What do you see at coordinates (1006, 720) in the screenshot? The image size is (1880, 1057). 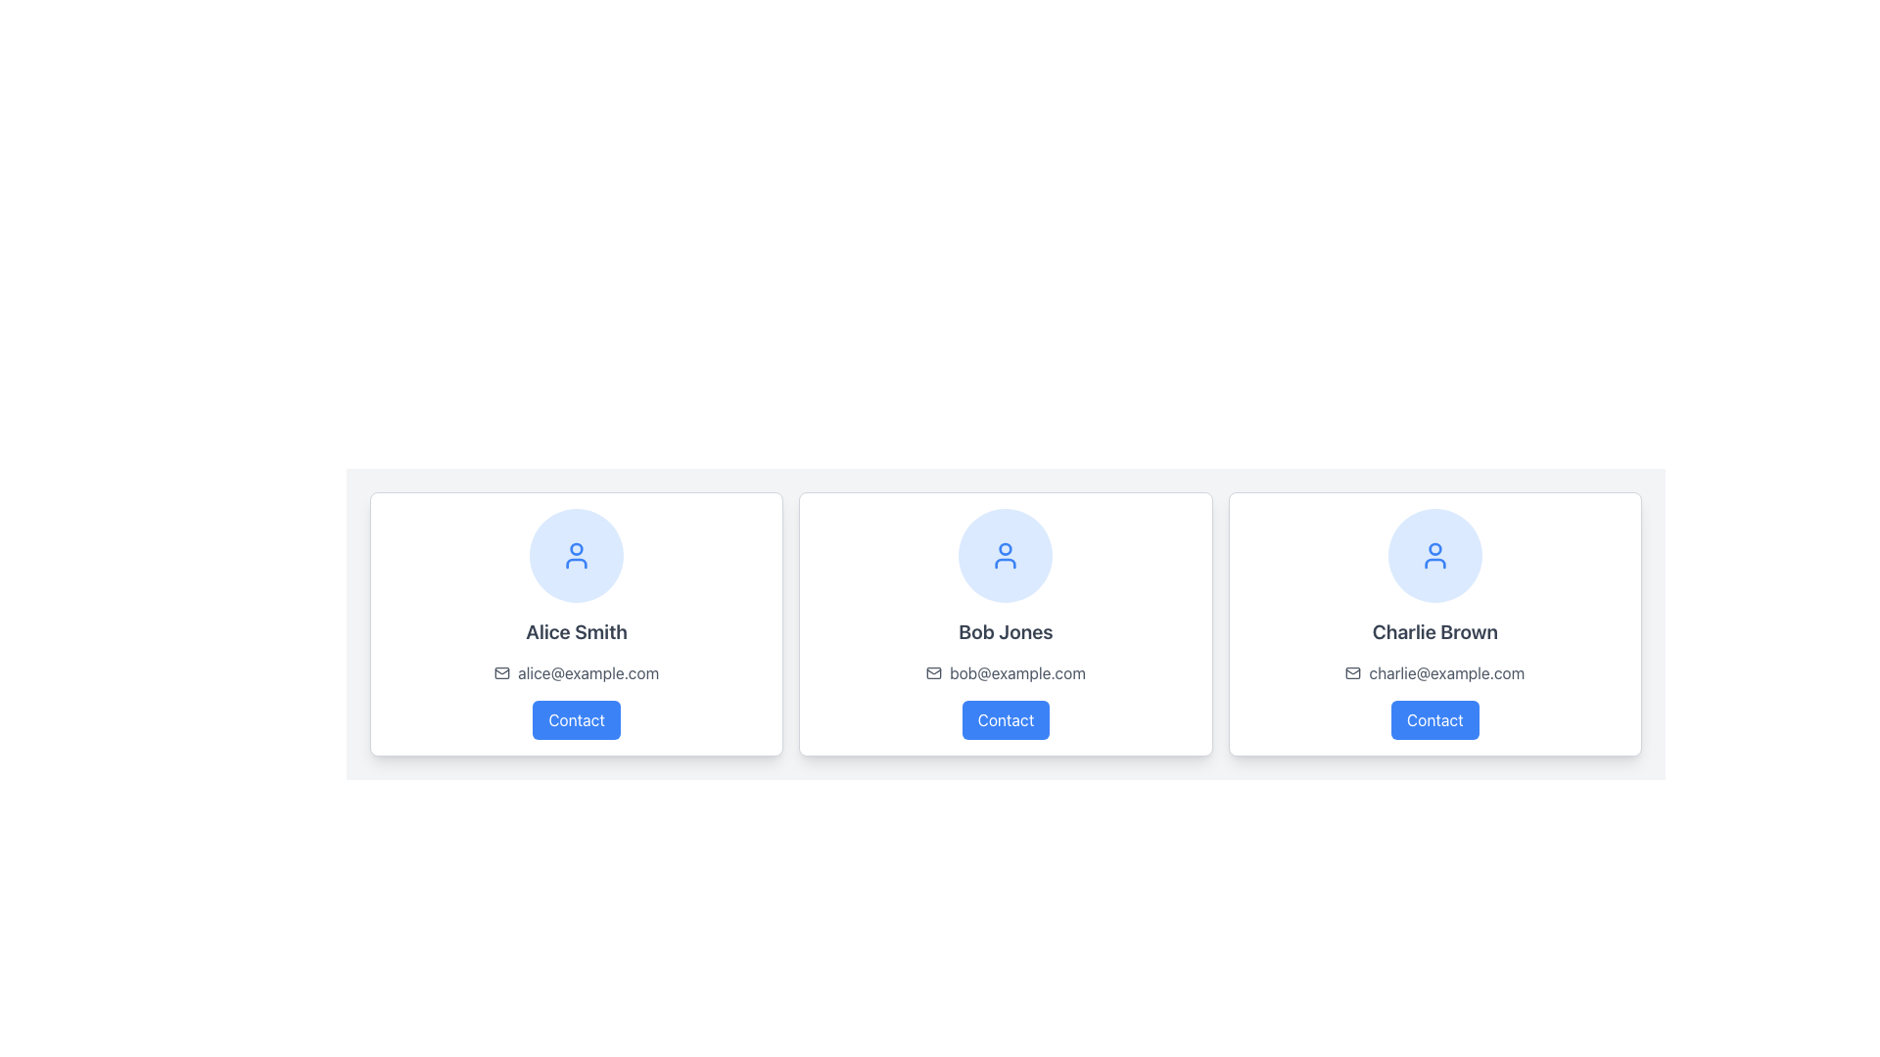 I see `the contact button located at the bottom center of the user card displaying information for 'Bob Jones' to change its color` at bounding box center [1006, 720].